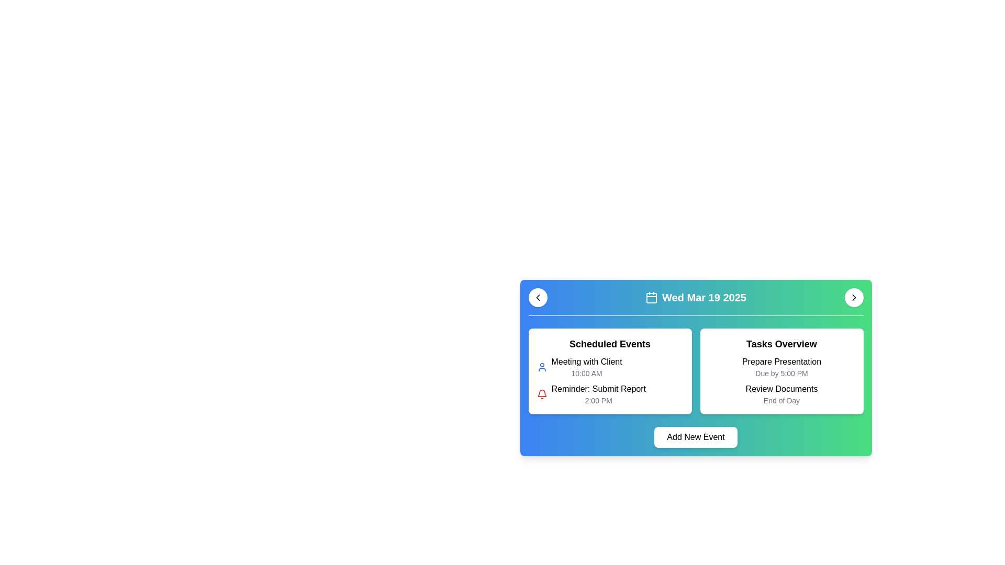  I want to click on date displayed in the central date display at the top of the section, which is bordered by left and right arrow buttons and located above 'Scheduled Events' and 'Tasks Overview', so click(696, 298).